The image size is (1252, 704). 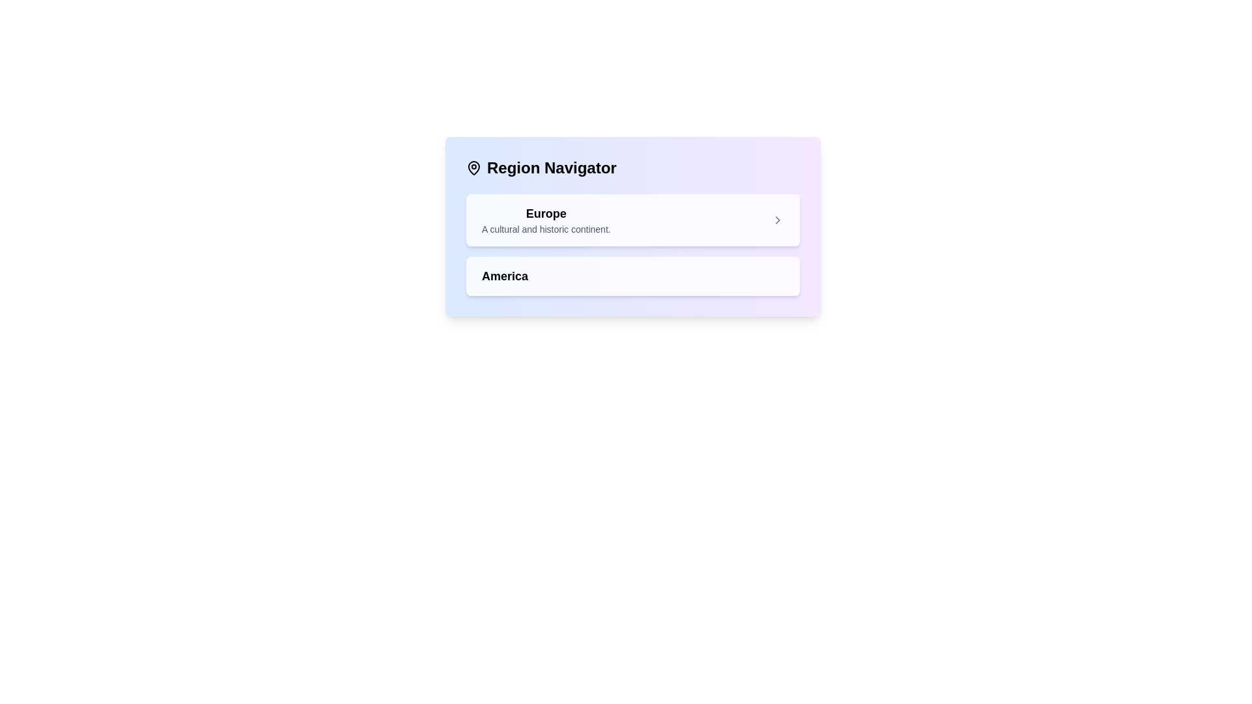 What do you see at coordinates (473, 168) in the screenshot?
I see `the map pin icon located at the upper-left corner of the 'Region Navigator' section, which is styled with a black outline and no fill` at bounding box center [473, 168].